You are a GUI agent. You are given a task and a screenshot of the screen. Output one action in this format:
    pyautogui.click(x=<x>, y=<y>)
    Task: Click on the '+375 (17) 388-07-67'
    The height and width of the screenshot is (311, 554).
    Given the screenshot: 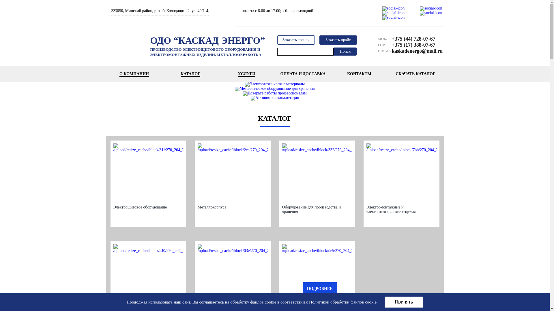 What is the action you would take?
    pyautogui.click(x=415, y=44)
    